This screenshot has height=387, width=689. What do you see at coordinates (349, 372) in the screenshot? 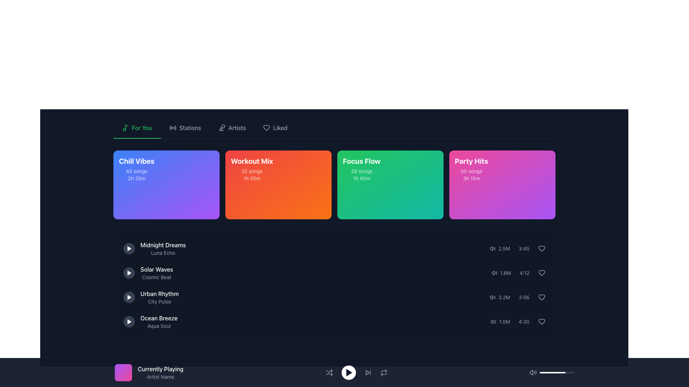
I see `the triangular play button icon located in the footer section of the application` at bounding box center [349, 372].